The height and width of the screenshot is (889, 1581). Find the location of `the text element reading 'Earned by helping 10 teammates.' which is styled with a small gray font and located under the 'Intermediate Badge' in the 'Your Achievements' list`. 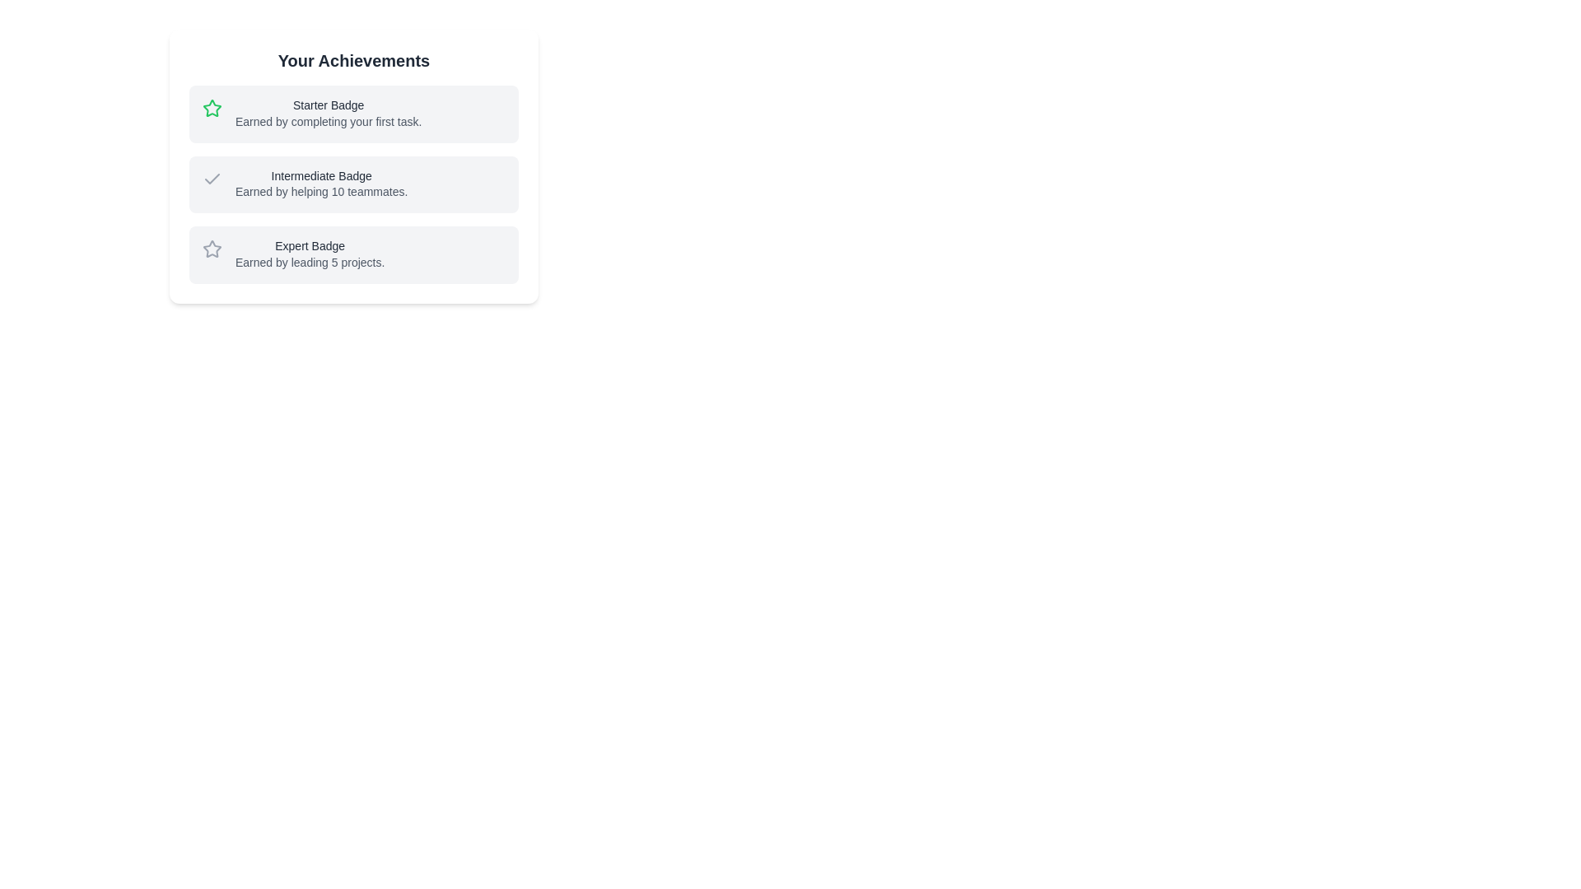

the text element reading 'Earned by helping 10 teammates.' which is styled with a small gray font and located under the 'Intermediate Badge' in the 'Your Achievements' list is located at coordinates (321, 190).